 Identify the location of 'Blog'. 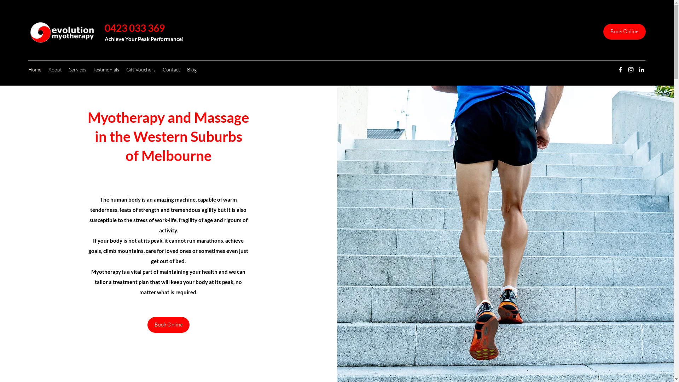
(192, 69).